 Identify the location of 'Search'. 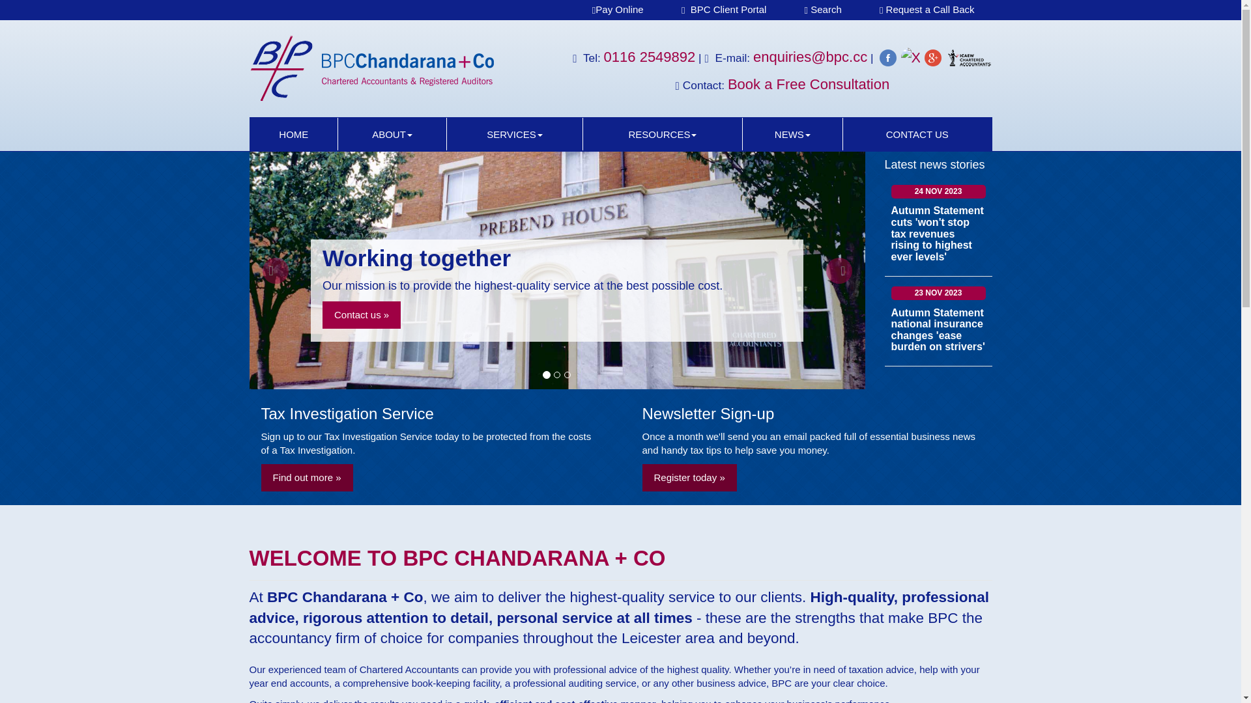
(822, 10).